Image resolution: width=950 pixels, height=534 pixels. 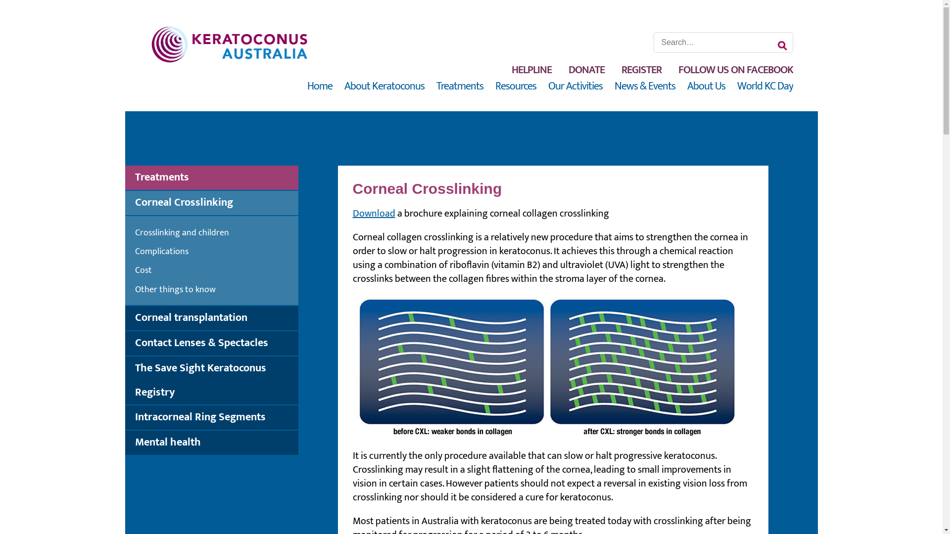 What do you see at coordinates (215, 270) in the screenshot?
I see `'Cost'` at bounding box center [215, 270].